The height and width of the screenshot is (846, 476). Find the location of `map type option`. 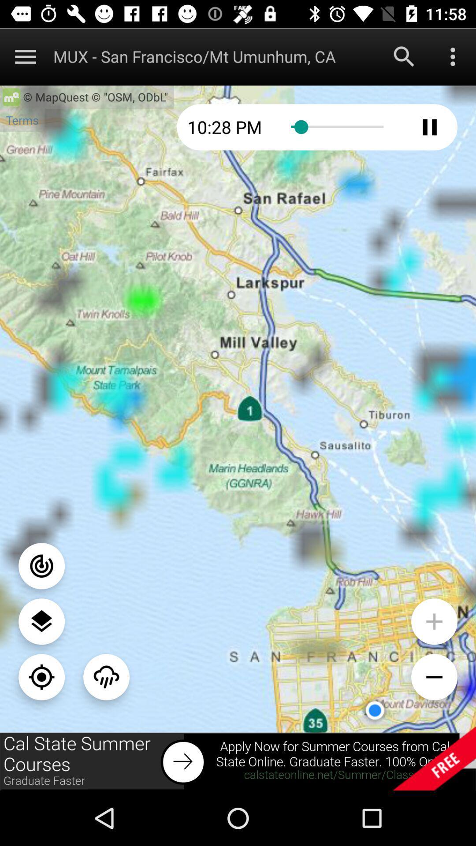

map type option is located at coordinates (41, 621).